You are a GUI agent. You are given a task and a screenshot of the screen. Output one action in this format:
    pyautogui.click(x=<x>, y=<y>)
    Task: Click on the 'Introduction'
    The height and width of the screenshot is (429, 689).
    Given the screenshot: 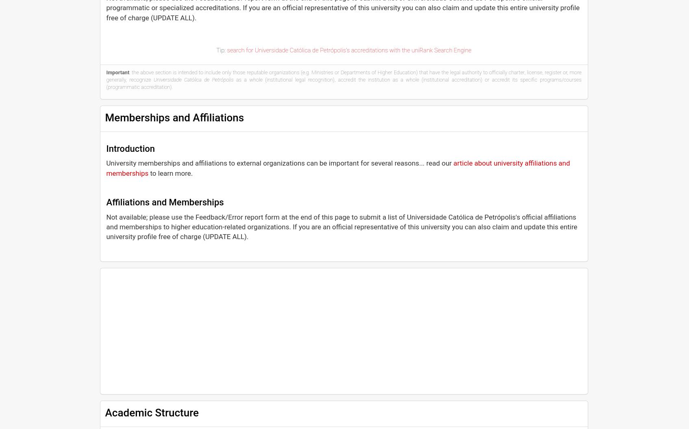 What is the action you would take?
    pyautogui.click(x=130, y=148)
    